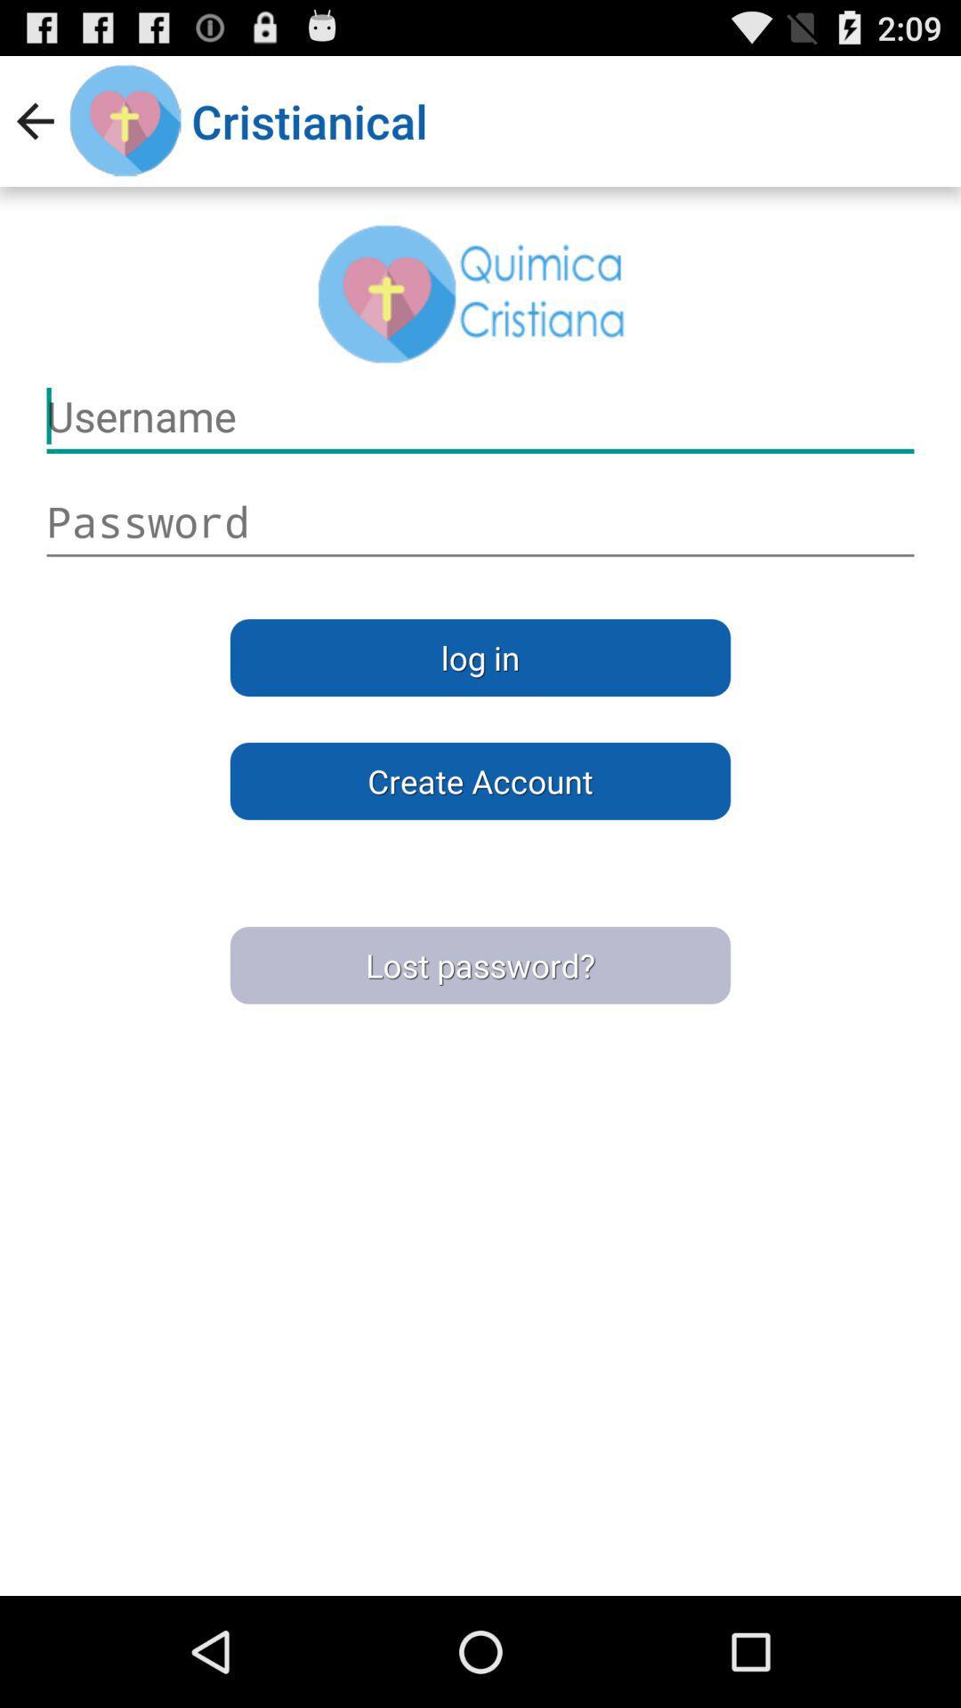 This screenshot has width=961, height=1708. What do you see at coordinates (480, 781) in the screenshot?
I see `the icon above lost password? item` at bounding box center [480, 781].